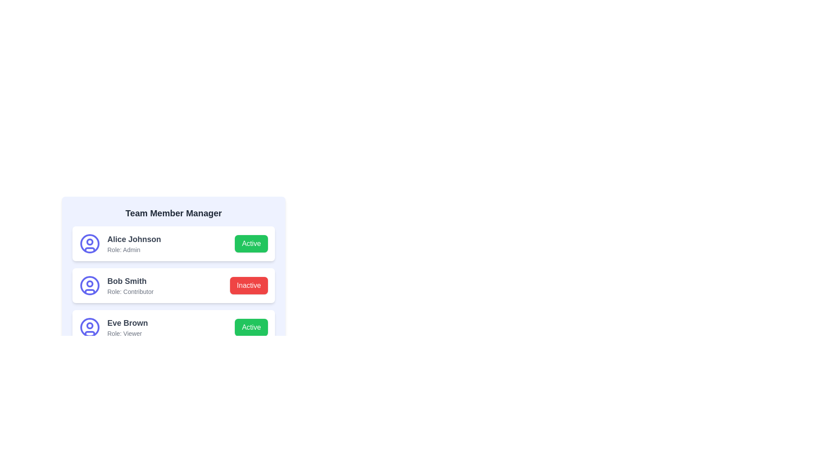  I want to click on the text label that serves as the header for the Team Member Manager interface, located at the top center of the card, so click(174, 213).